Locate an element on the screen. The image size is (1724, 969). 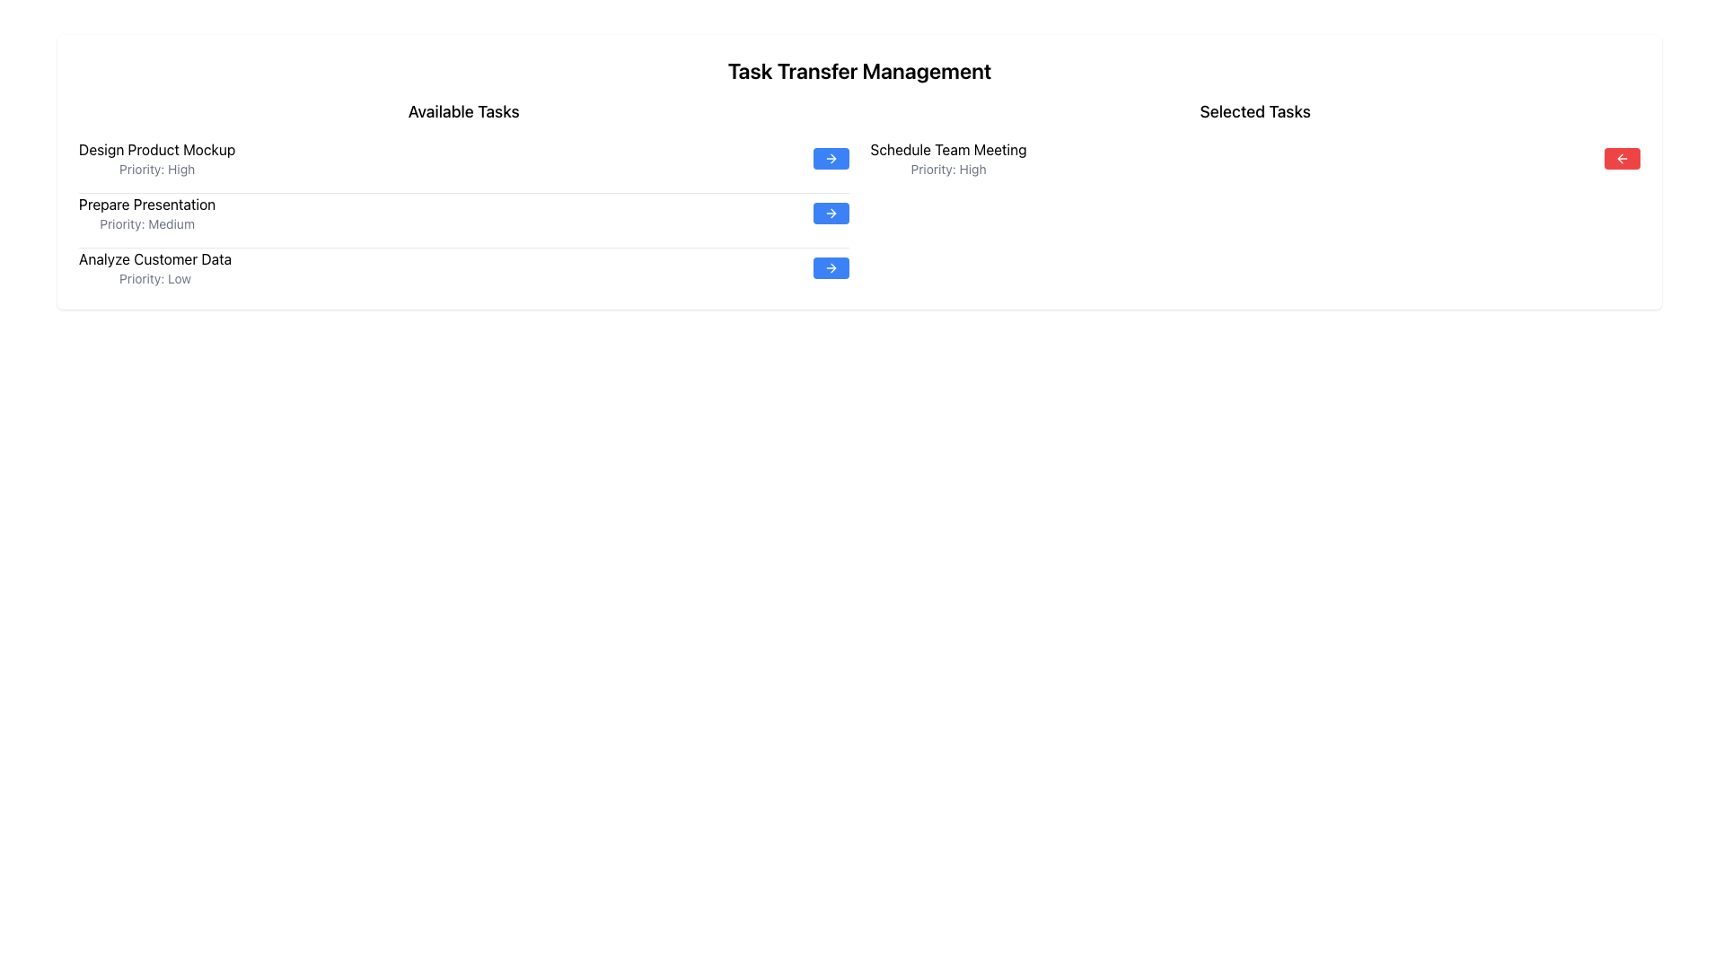
the 'Prepare Presentation' text label which displays in bold within the 'Available Tasks' section, positioned above 'Analyze Customer Data' and below 'Design Product Mockup' is located at coordinates (147, 203).